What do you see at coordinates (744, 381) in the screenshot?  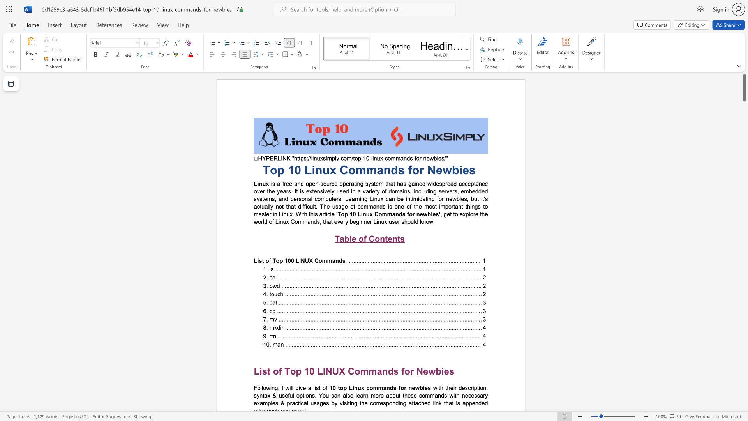 I see `the scrollbar to move the content lower` at bounding box center [744, 381].